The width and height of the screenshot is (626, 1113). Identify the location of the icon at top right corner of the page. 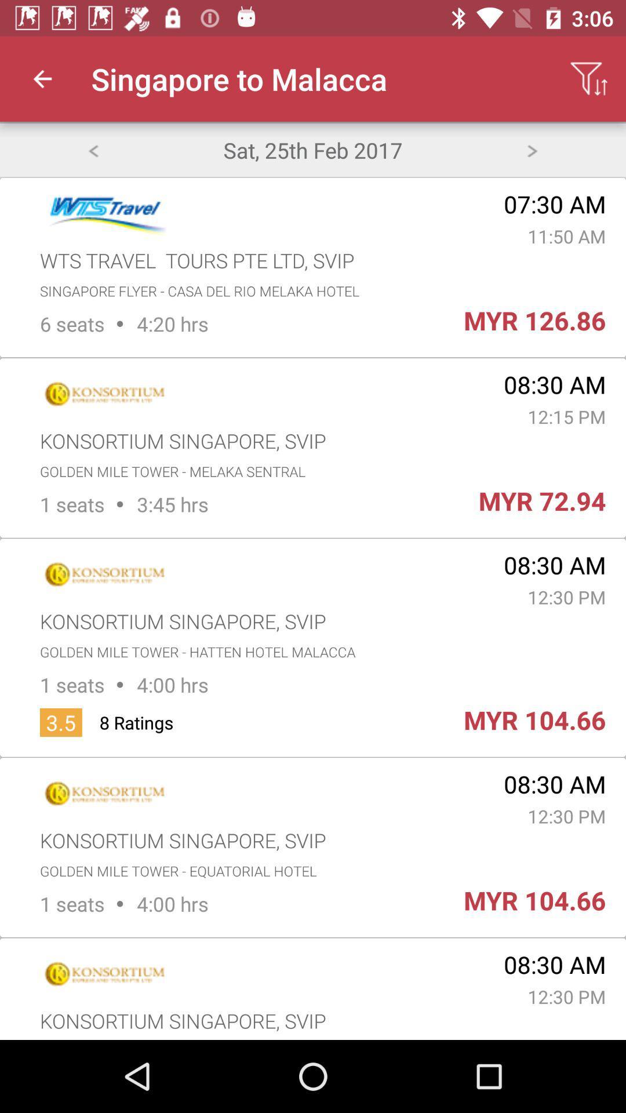
(589, 79).